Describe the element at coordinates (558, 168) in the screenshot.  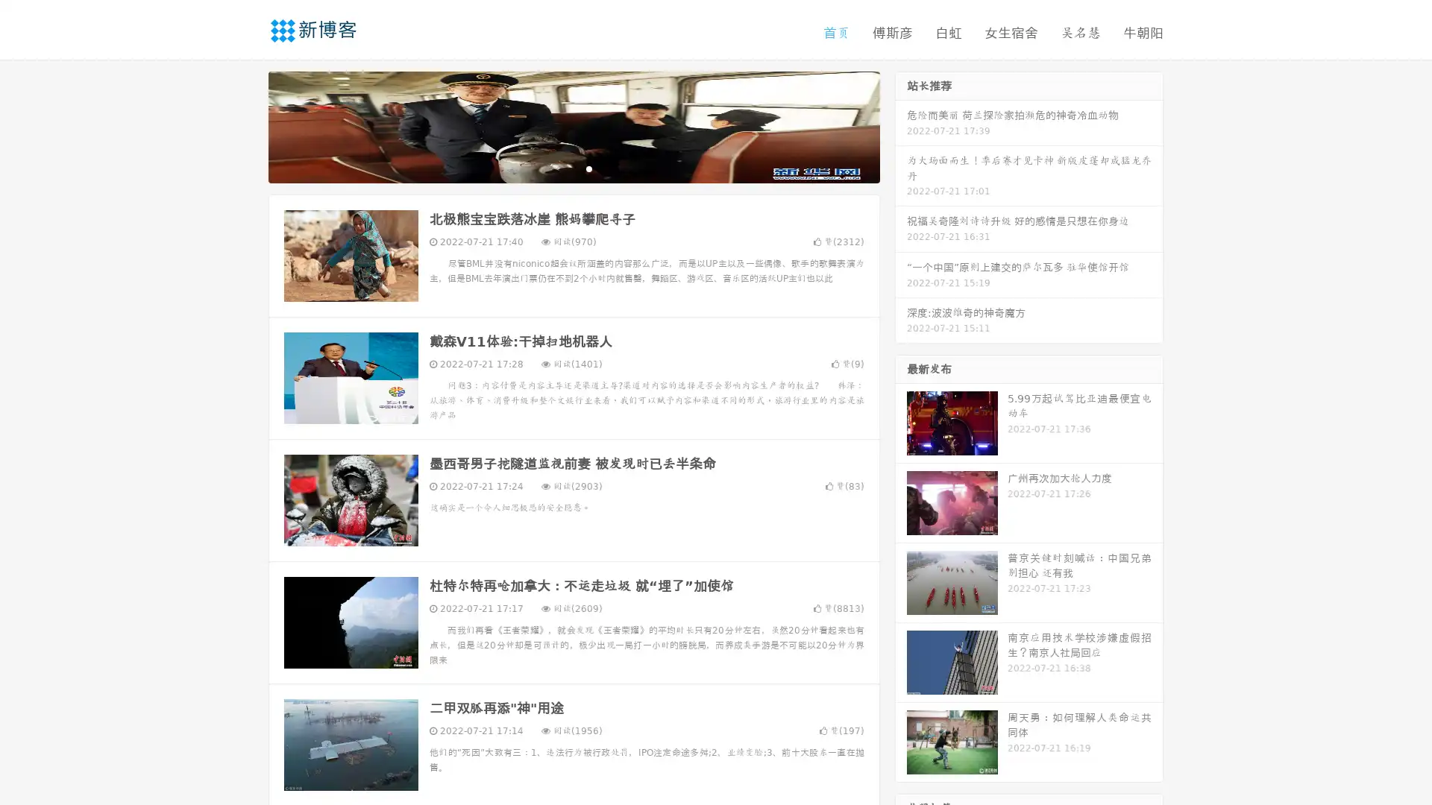
I see `Go to slide 1` at that location.